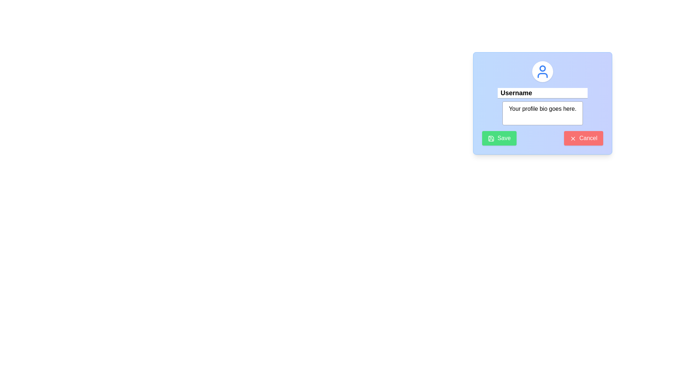 This screenshot has height=391, width=696. Describe the element at coordinates (491, 138) in the screenshot. I see `the save icon, which is a small disk-shaped design located to the left inside the green 'Save' button` at that location.